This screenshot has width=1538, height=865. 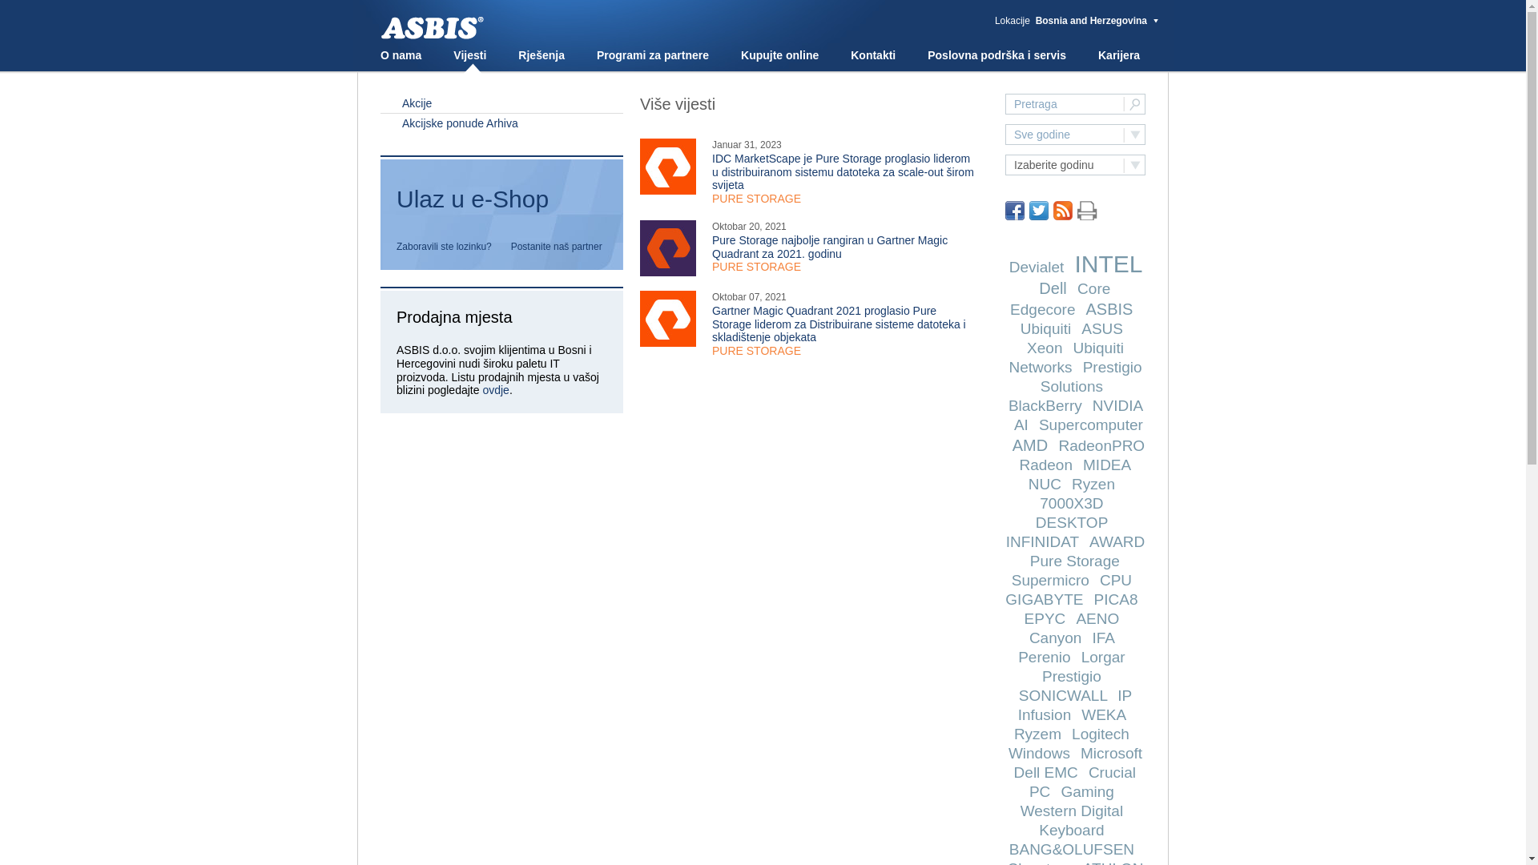 What do you see at coordinates (1111, 771) in the screenshot?
I see `'Crucial'` at bounding box center [1111, 771].